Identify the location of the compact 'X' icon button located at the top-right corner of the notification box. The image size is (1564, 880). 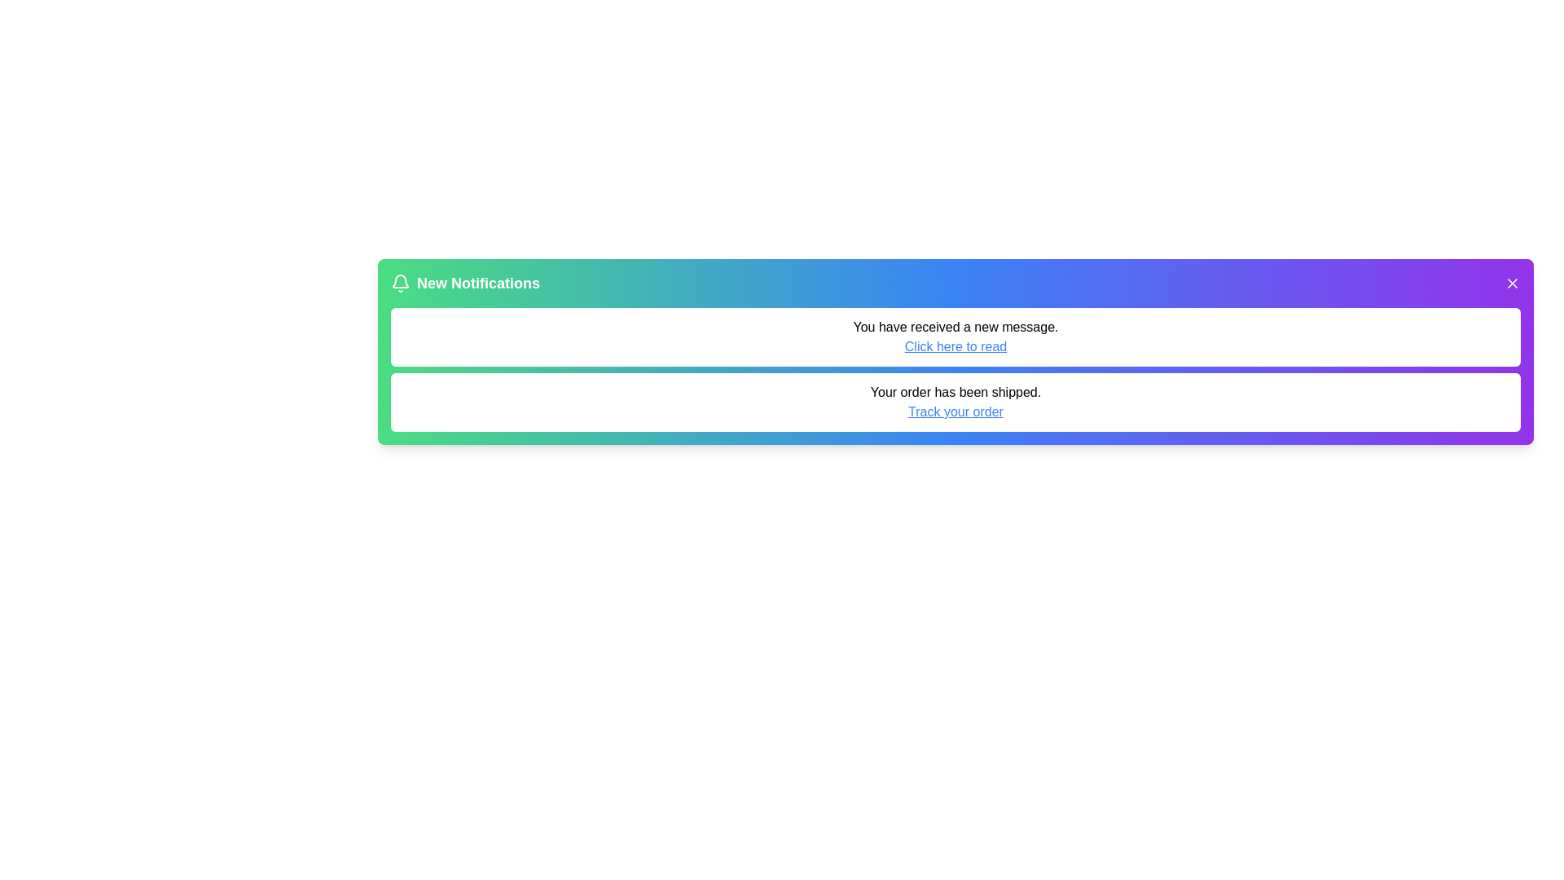
(1512, 282).